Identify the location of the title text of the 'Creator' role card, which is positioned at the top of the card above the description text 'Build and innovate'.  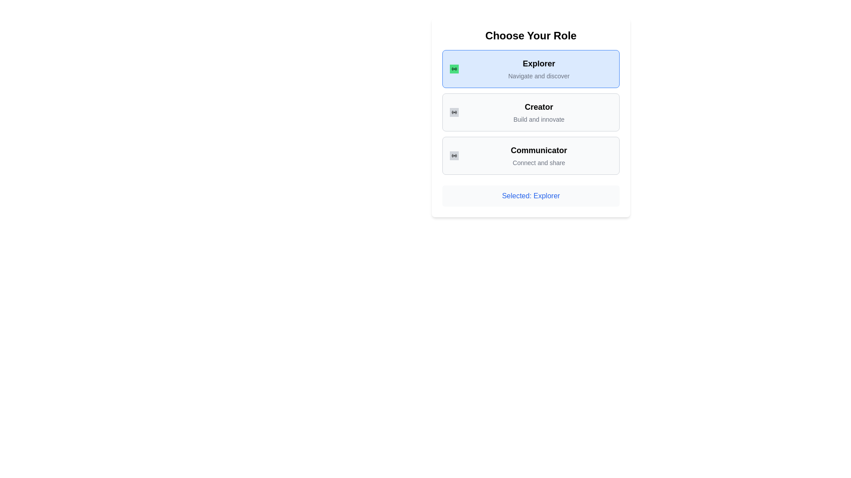
(538, 107).